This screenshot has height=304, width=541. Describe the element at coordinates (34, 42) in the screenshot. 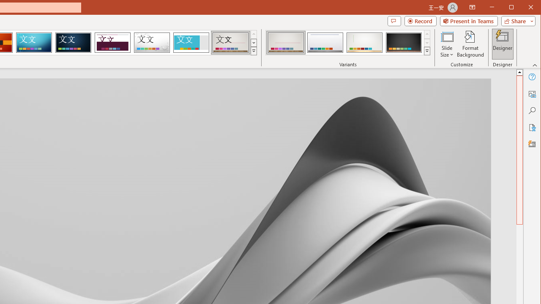

I see `'Circuit'` at that location.